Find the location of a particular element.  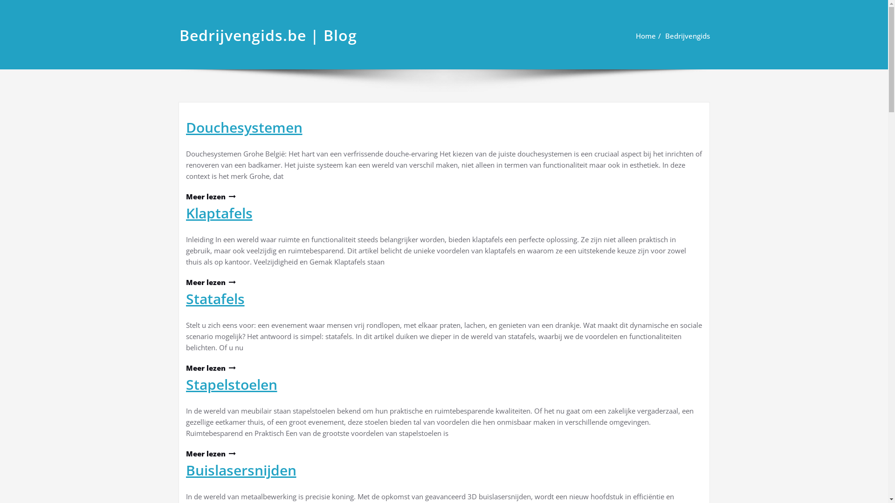

'Buislasersnijden' is located at coordinates (241, 470).